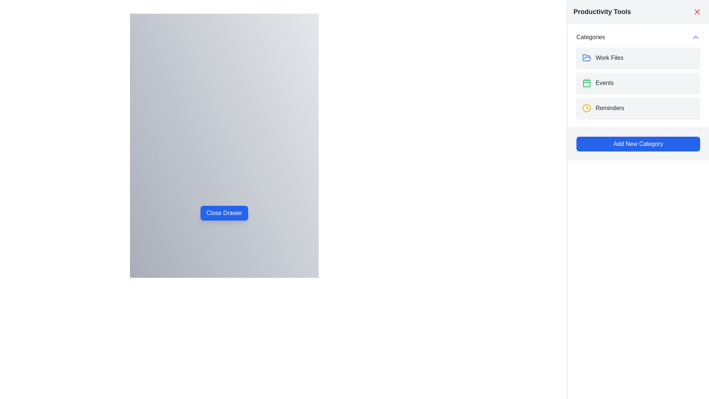 Image resolution: width=709 pixels, height=399 pixels. I want to click on the text label that serves as the name for the first category in the 'Categories' section on the right-side panel, located next to a blue-colored folder icon, so click(609, 58).